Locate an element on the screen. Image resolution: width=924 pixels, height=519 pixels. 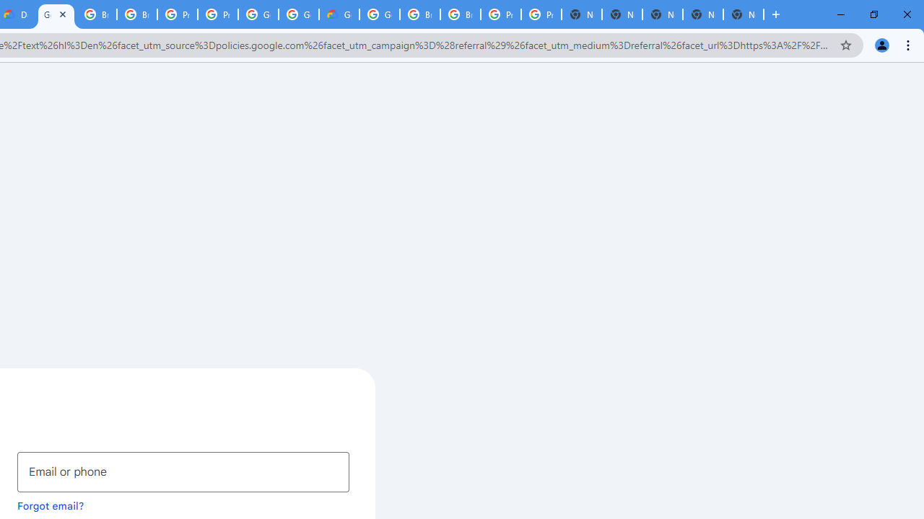
'Google Cloud Estimate Summary' is located at coordinates (338, 14).